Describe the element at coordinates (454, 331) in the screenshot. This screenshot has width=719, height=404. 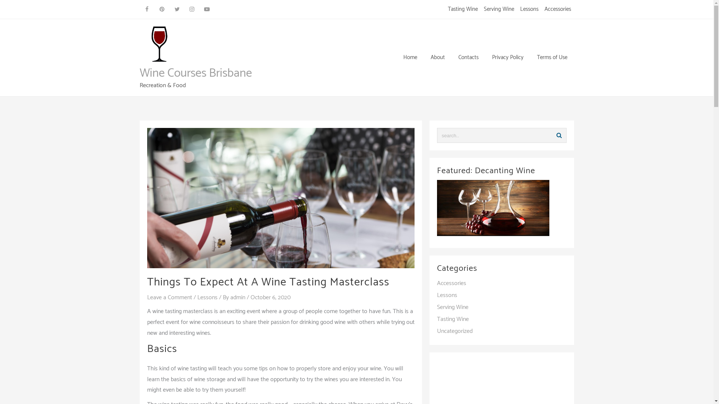
I see `'Uncategorized'` at that location.